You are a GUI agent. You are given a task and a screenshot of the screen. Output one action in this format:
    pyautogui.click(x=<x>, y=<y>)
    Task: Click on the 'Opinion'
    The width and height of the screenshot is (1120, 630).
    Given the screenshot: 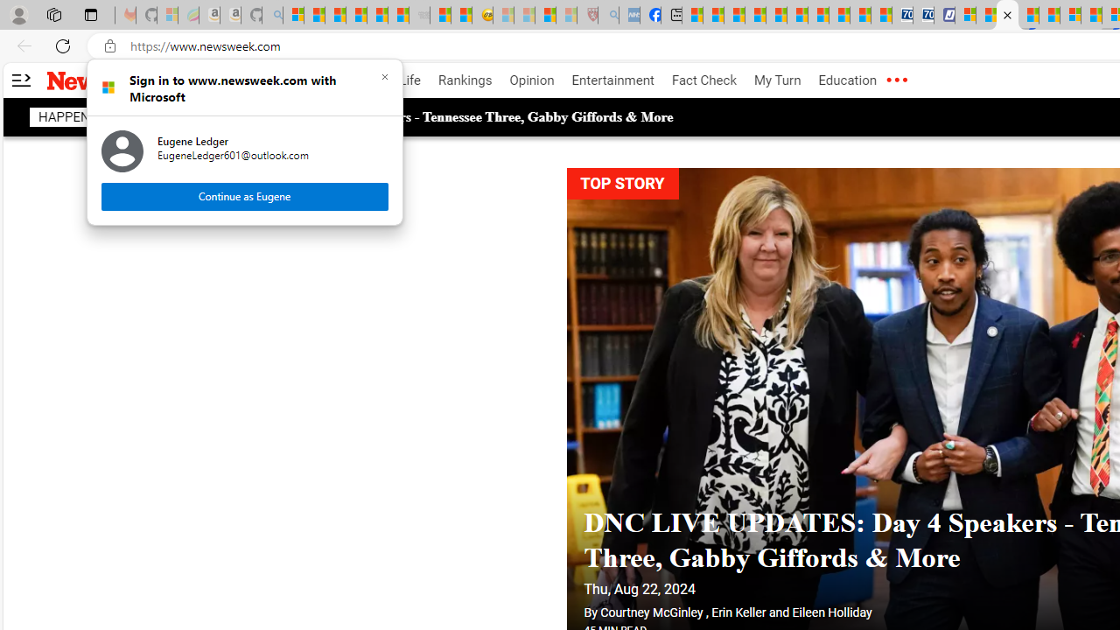 What is the action you would take?
    pyautogui.click(x=531, y=80)
    